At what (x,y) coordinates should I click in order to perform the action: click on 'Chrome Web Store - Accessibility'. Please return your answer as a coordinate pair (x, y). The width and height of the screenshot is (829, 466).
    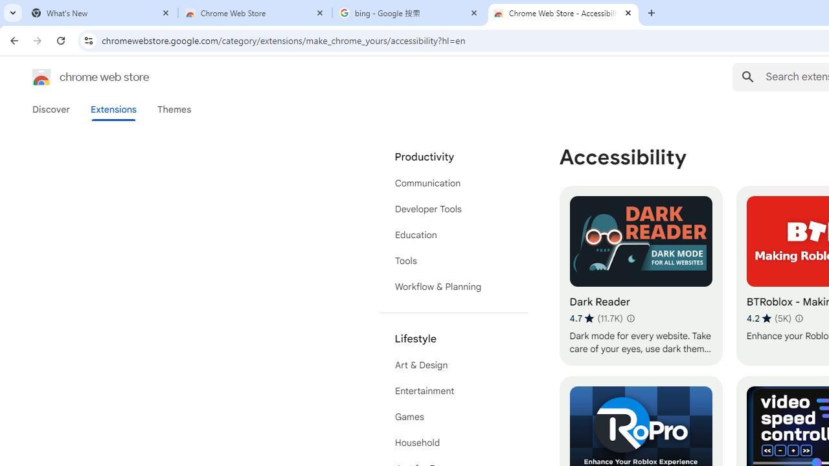
    Looking at the image, I should click on (563, 13).